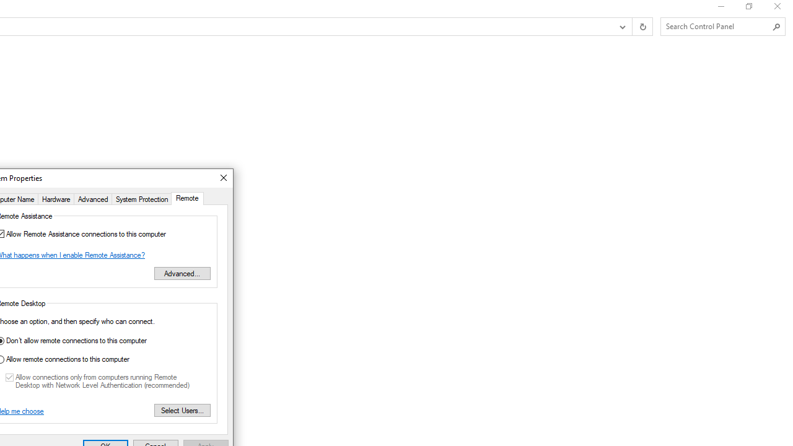 This screenshot has width=793, height=446. Describe the element at coordinates (142, 198) in the screenshot. I see `'System Protection'` at that location.